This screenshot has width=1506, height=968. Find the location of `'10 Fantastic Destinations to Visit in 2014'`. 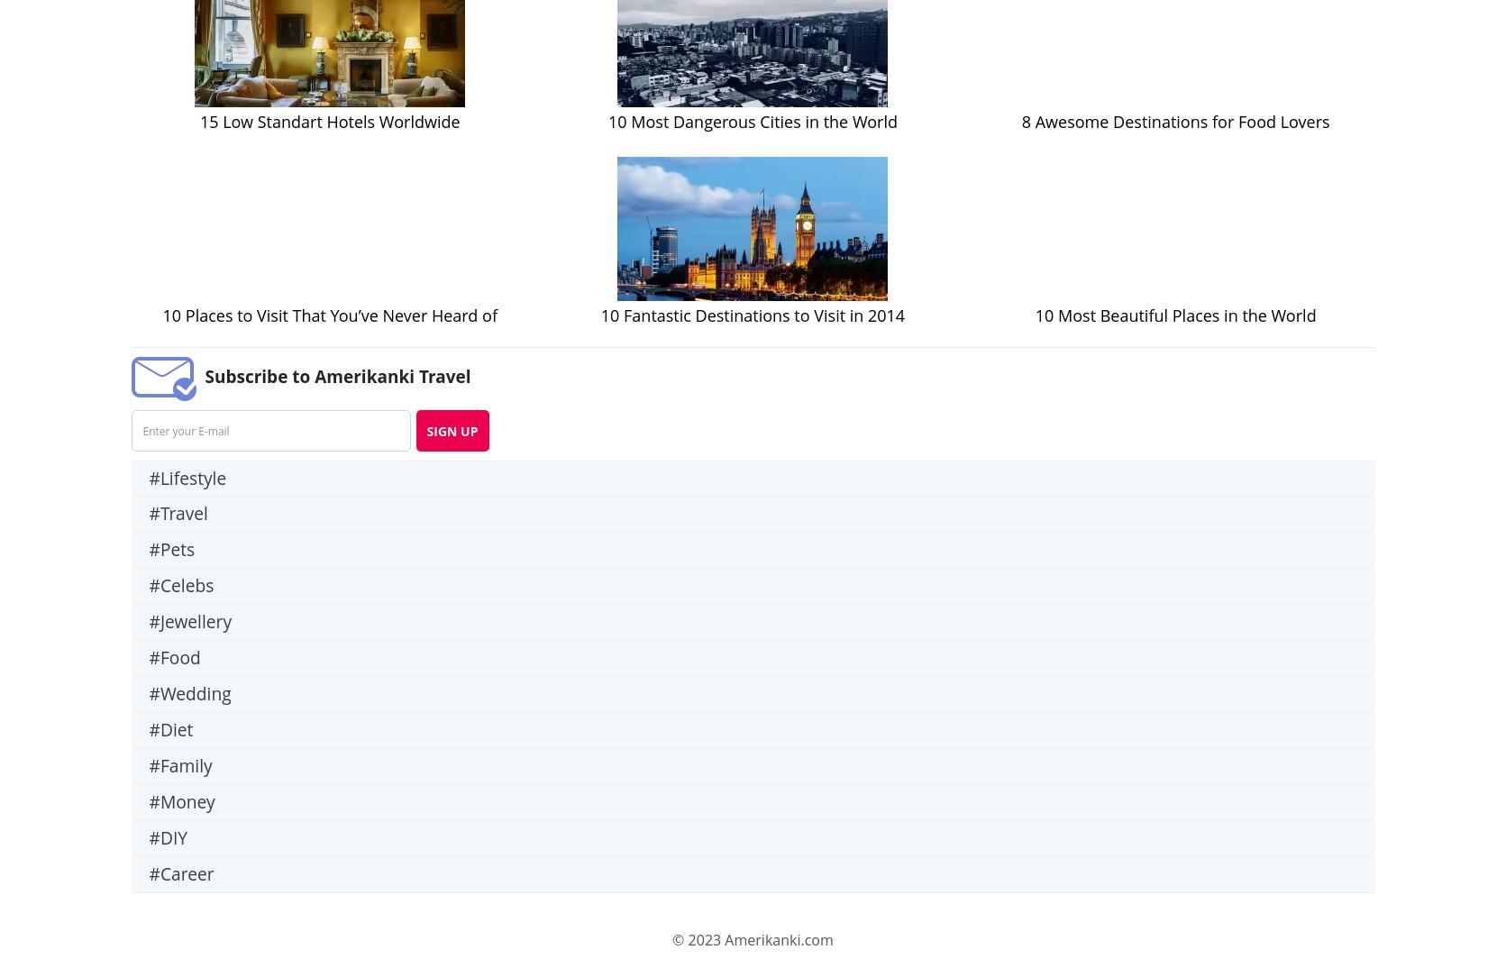

'10 Fantastic Destinations to Visit in 2014' is located at coordinates (599, 315).